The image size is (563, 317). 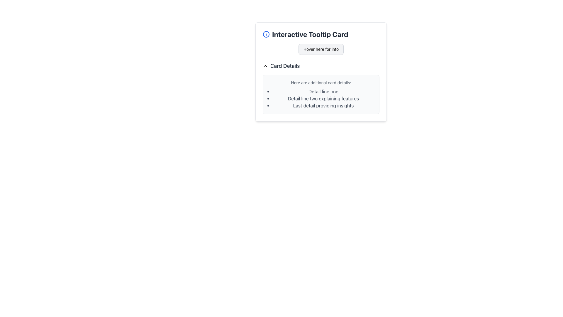 What do you see at coordinates (320, 98) in the screenshot?
I see `the bullet-point list that presents detailed information points related to the card, located below the header 'Here are additional card details:' in the 'Card Details' section` at bounding box center [320, 98].